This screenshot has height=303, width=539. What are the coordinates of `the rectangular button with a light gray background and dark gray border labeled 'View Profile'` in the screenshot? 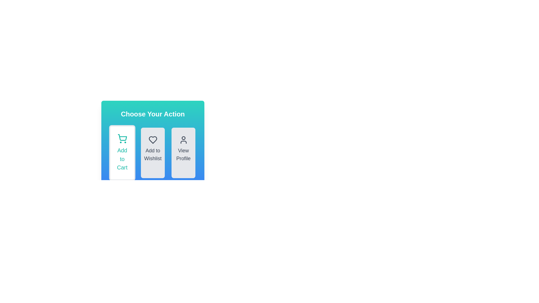 It's located at (183, 153).